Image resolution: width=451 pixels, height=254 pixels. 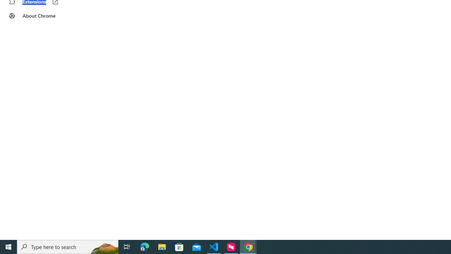 What do you see at coordinates (43, 16) in the screenshot?
I see `'About Chrome'` at bounding box center [43, 16].